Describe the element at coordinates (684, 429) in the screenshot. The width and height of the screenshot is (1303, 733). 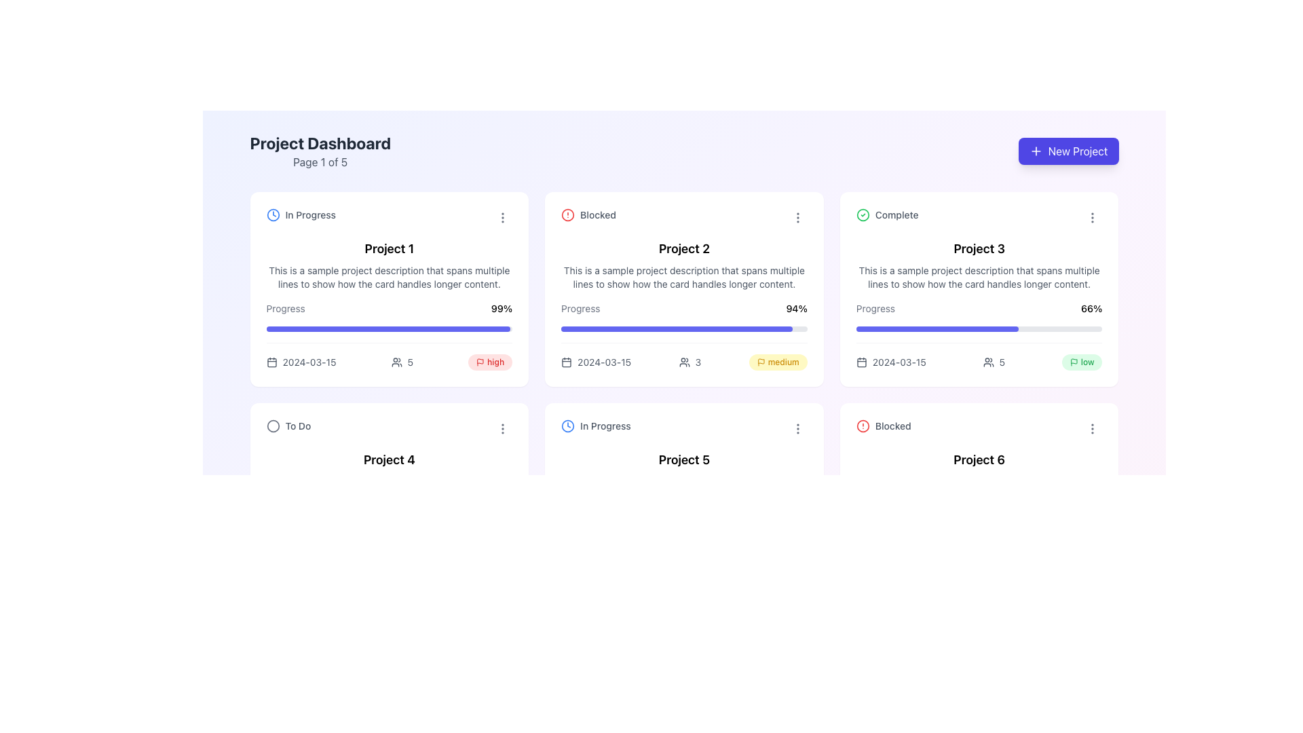
I see `the status indicator for 'Project 5'` at that location.